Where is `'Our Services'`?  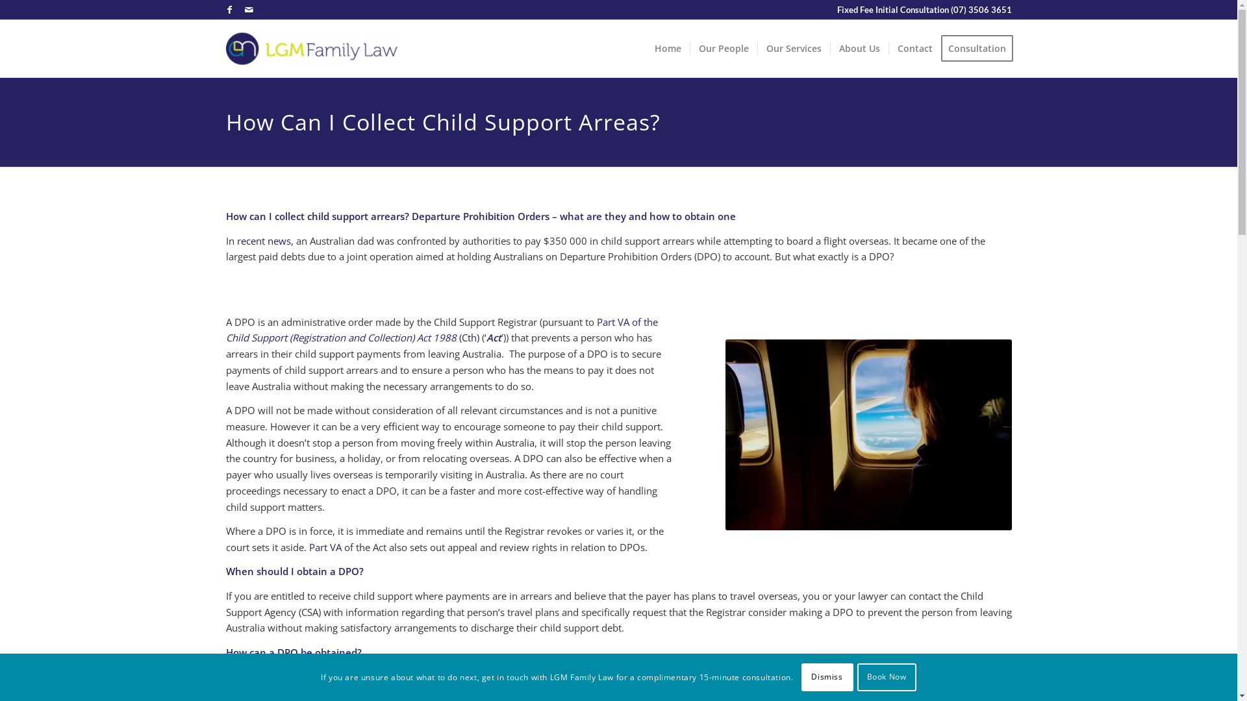
'Our Services' is located at coordinates (793, 47).